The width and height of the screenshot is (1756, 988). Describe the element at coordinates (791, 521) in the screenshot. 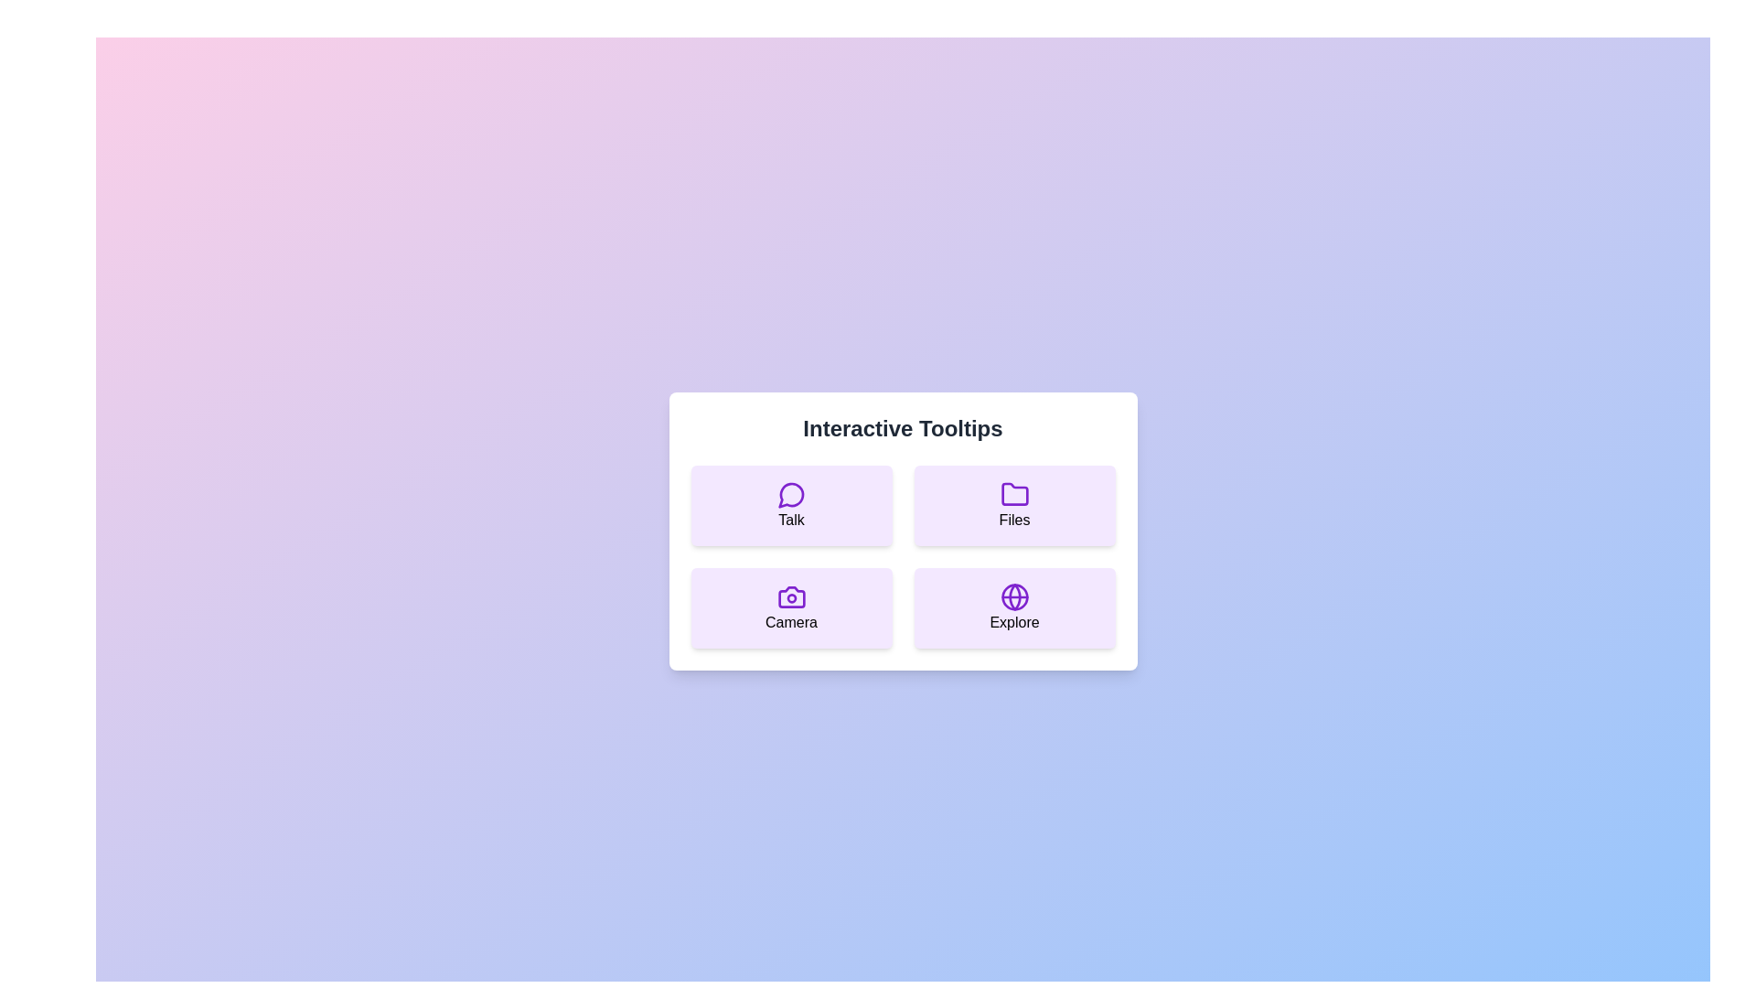

I see `the Text label that serves as a description for the 'Talk' button located in the top-left quadrant of the interactive tooltips panel` at that location.